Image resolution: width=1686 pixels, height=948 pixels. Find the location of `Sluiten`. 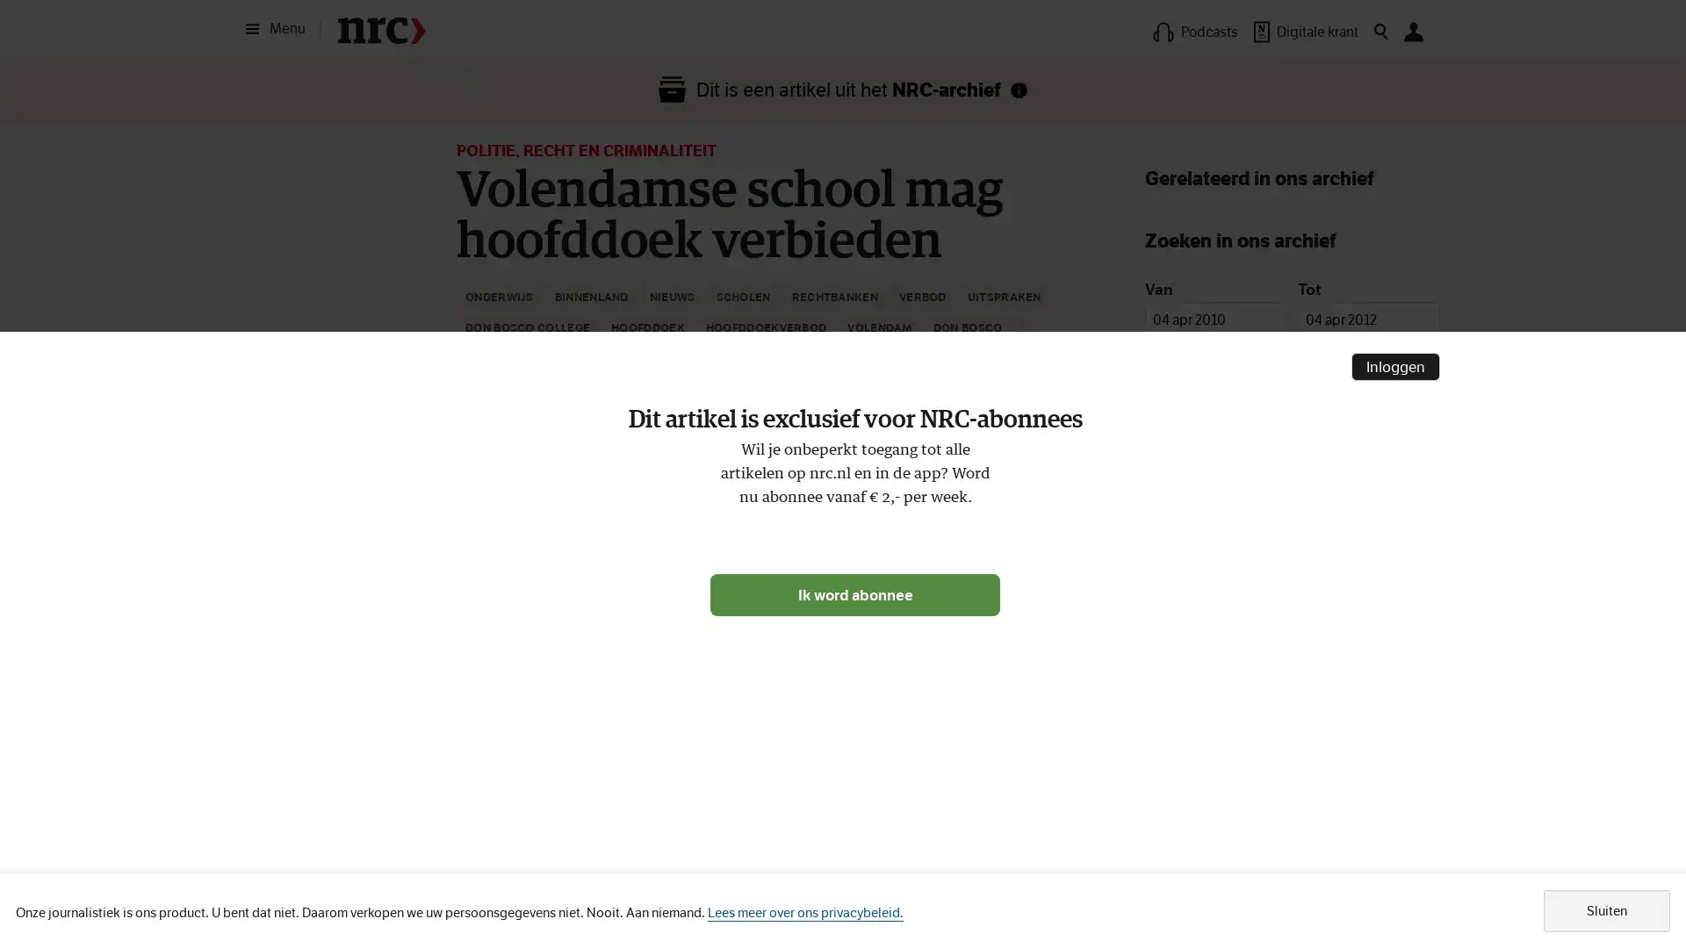

Sluiten is located at coordinates (1606, 909).